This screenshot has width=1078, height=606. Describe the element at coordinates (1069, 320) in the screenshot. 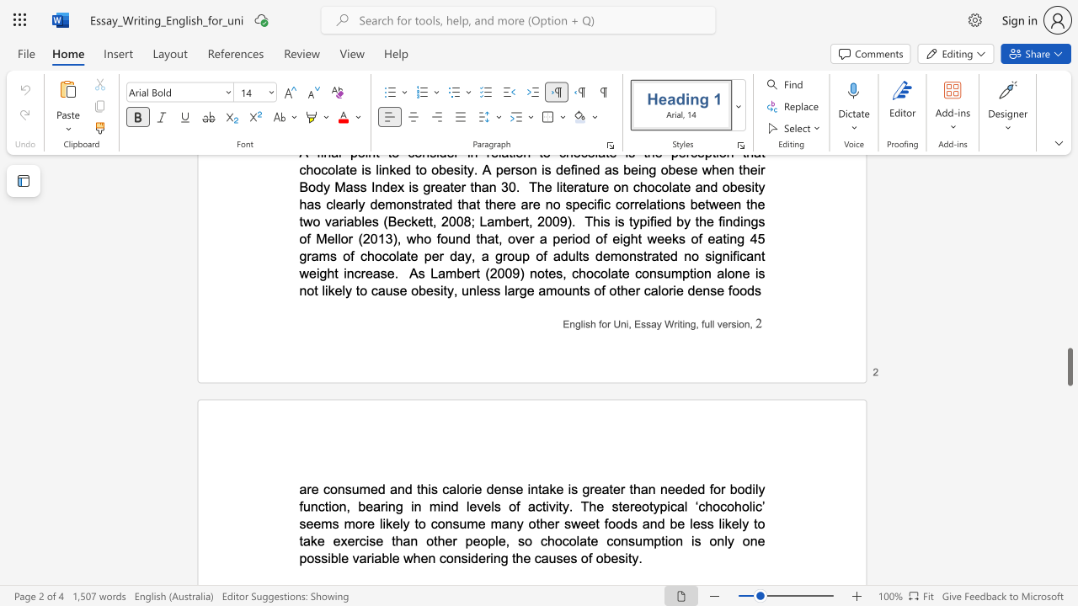

I see `the vertical scrollbar to raise the page content` at that location.